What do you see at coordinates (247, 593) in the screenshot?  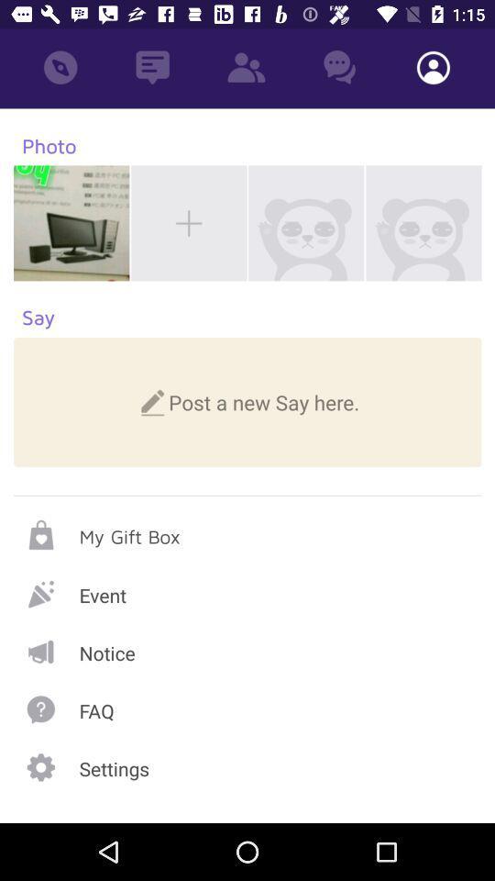 I see `event` at bounding box center [247, 593].